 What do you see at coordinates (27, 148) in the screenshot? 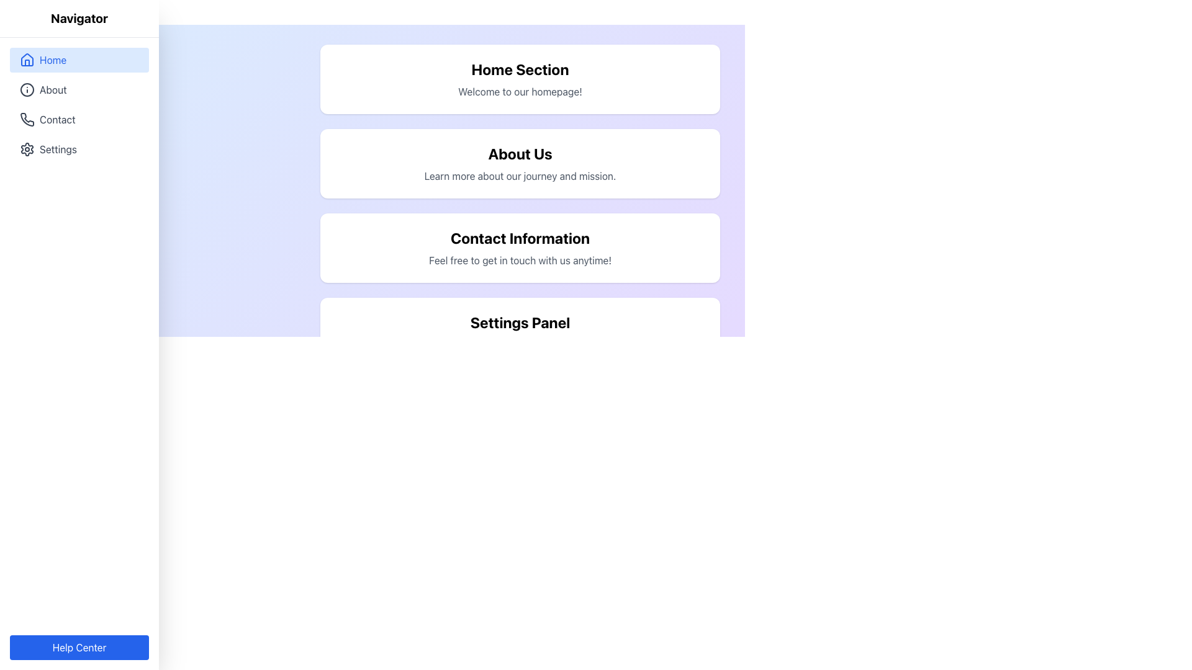
I see `the gear-shaped icon representing settings located at the top-left corner of the 'Settings' button in the navigation menu` at bounding box center [27, 148].